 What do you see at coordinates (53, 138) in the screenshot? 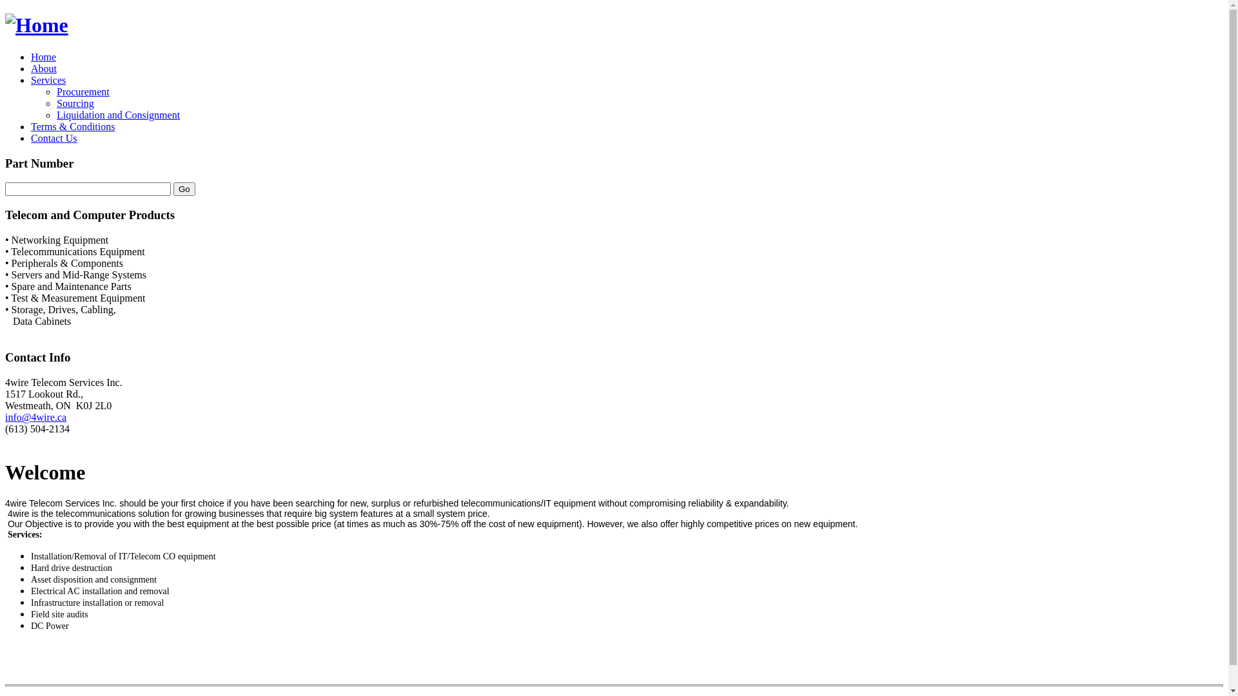
I see `'Contact Us'` at bounding box center [53, 138].